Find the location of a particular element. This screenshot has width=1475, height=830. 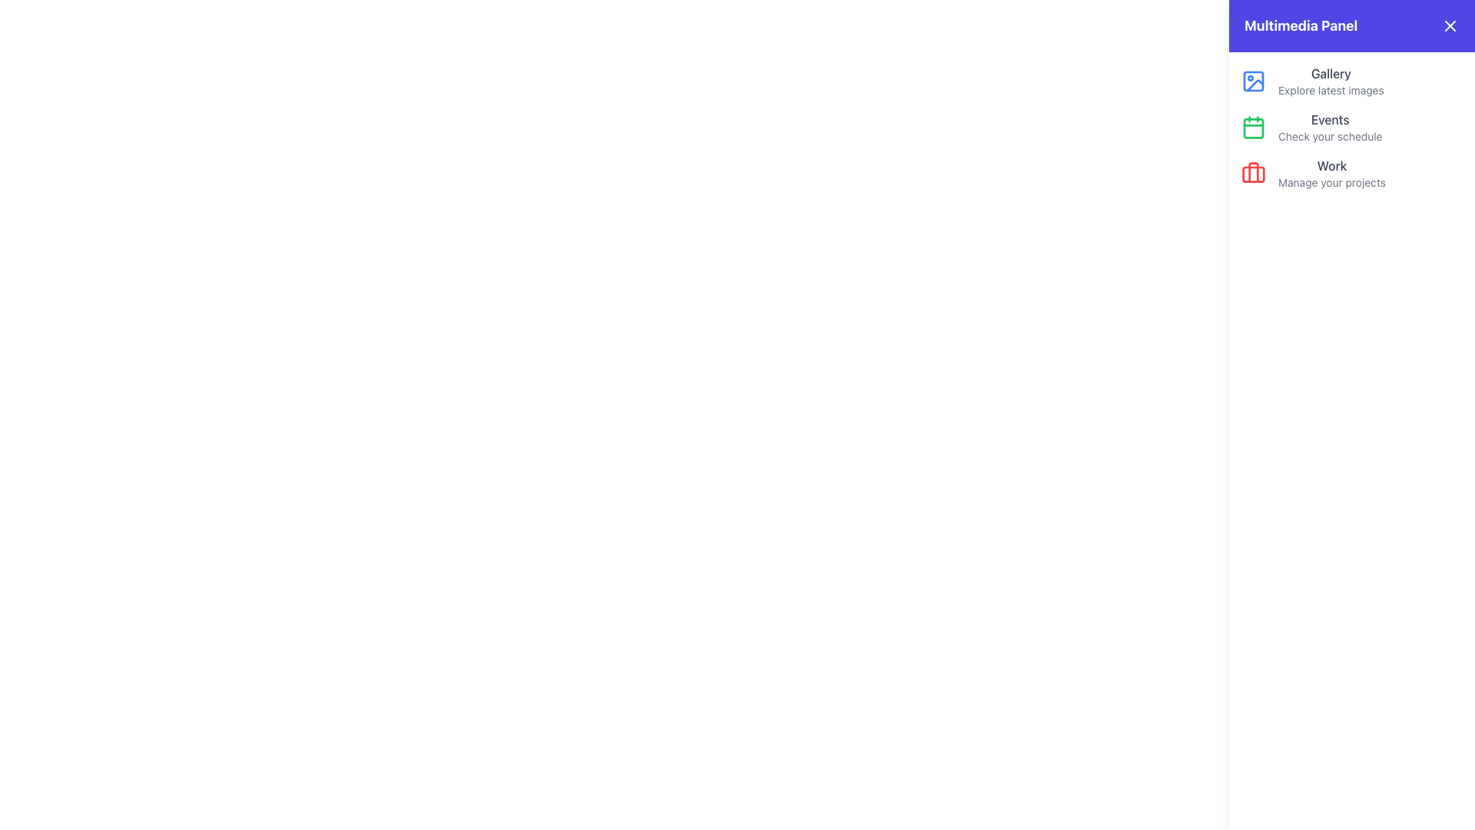

the second list item in the Multimedia Panel, which features a green calendar icon and the text 'Events' and 'Check your schedule' is located at coordinates (1352, 126).